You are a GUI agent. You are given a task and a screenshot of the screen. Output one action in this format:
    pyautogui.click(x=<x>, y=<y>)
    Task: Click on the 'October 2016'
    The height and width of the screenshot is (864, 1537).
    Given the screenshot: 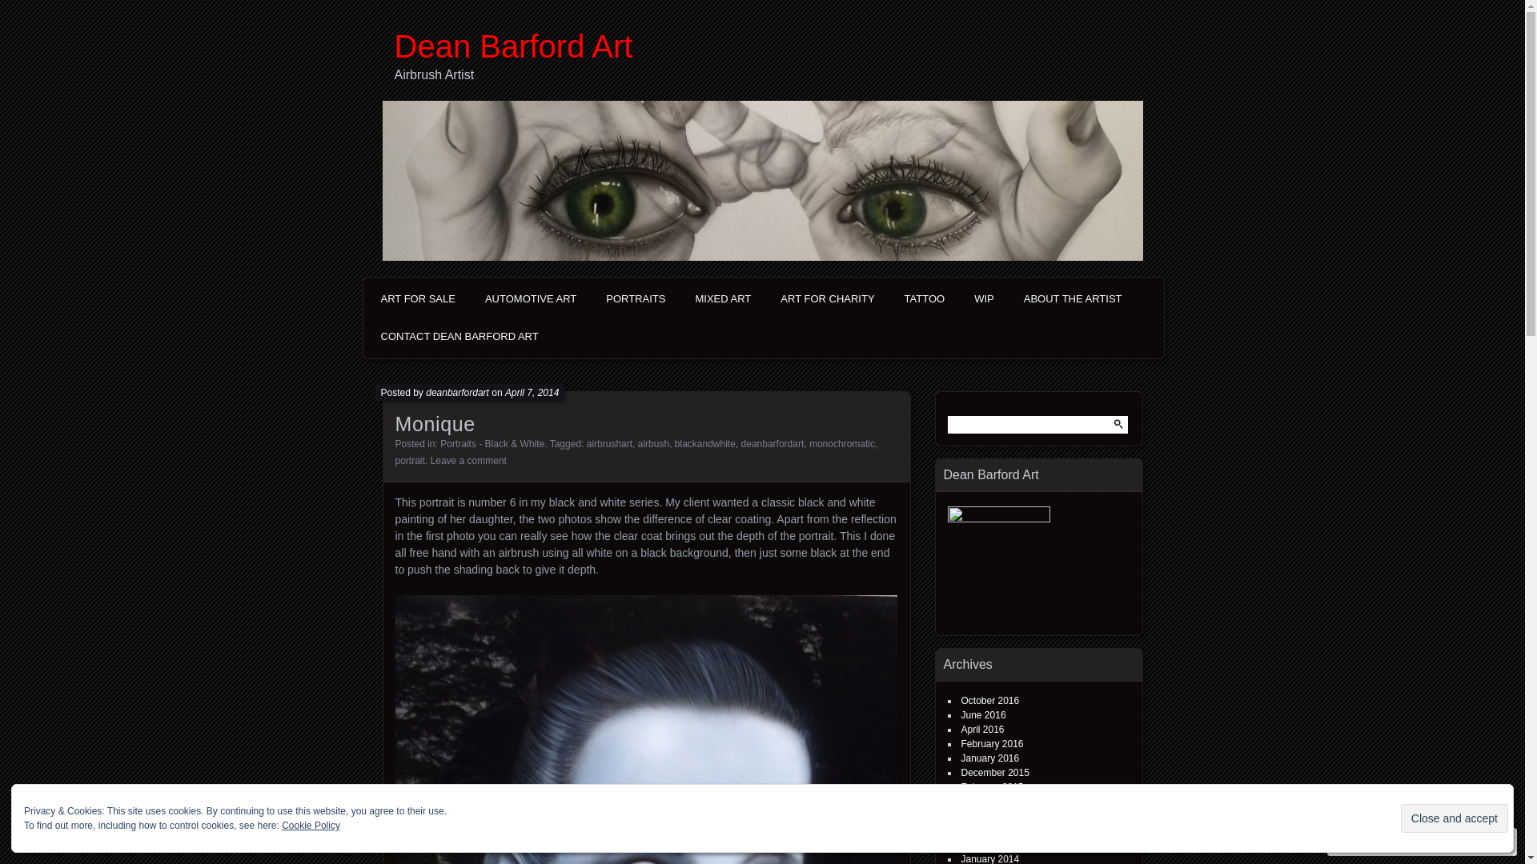 What is the action you would take?
    pyautogui.click(x=989, y=699)
    